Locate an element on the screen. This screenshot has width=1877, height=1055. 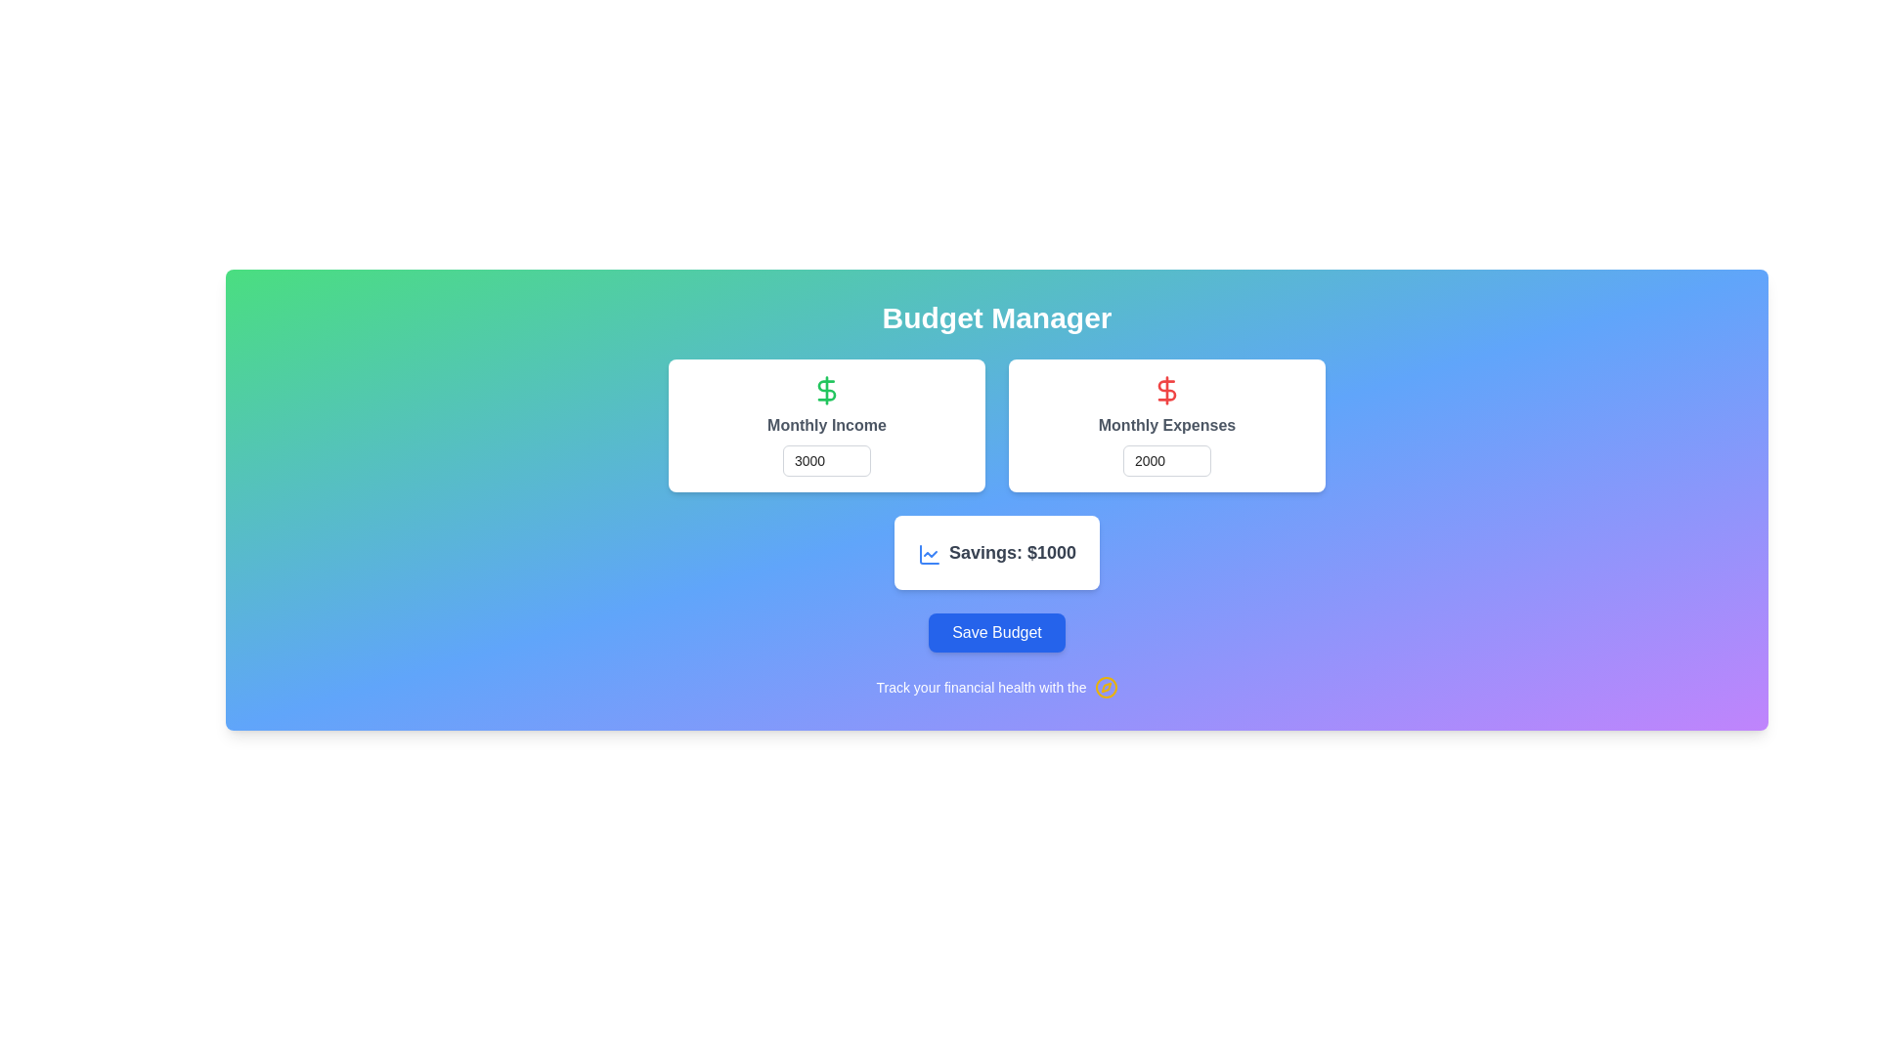
the numeric input field for 'Monthly Expenses' to select the value for editing is located at coordinates (1167, 460).